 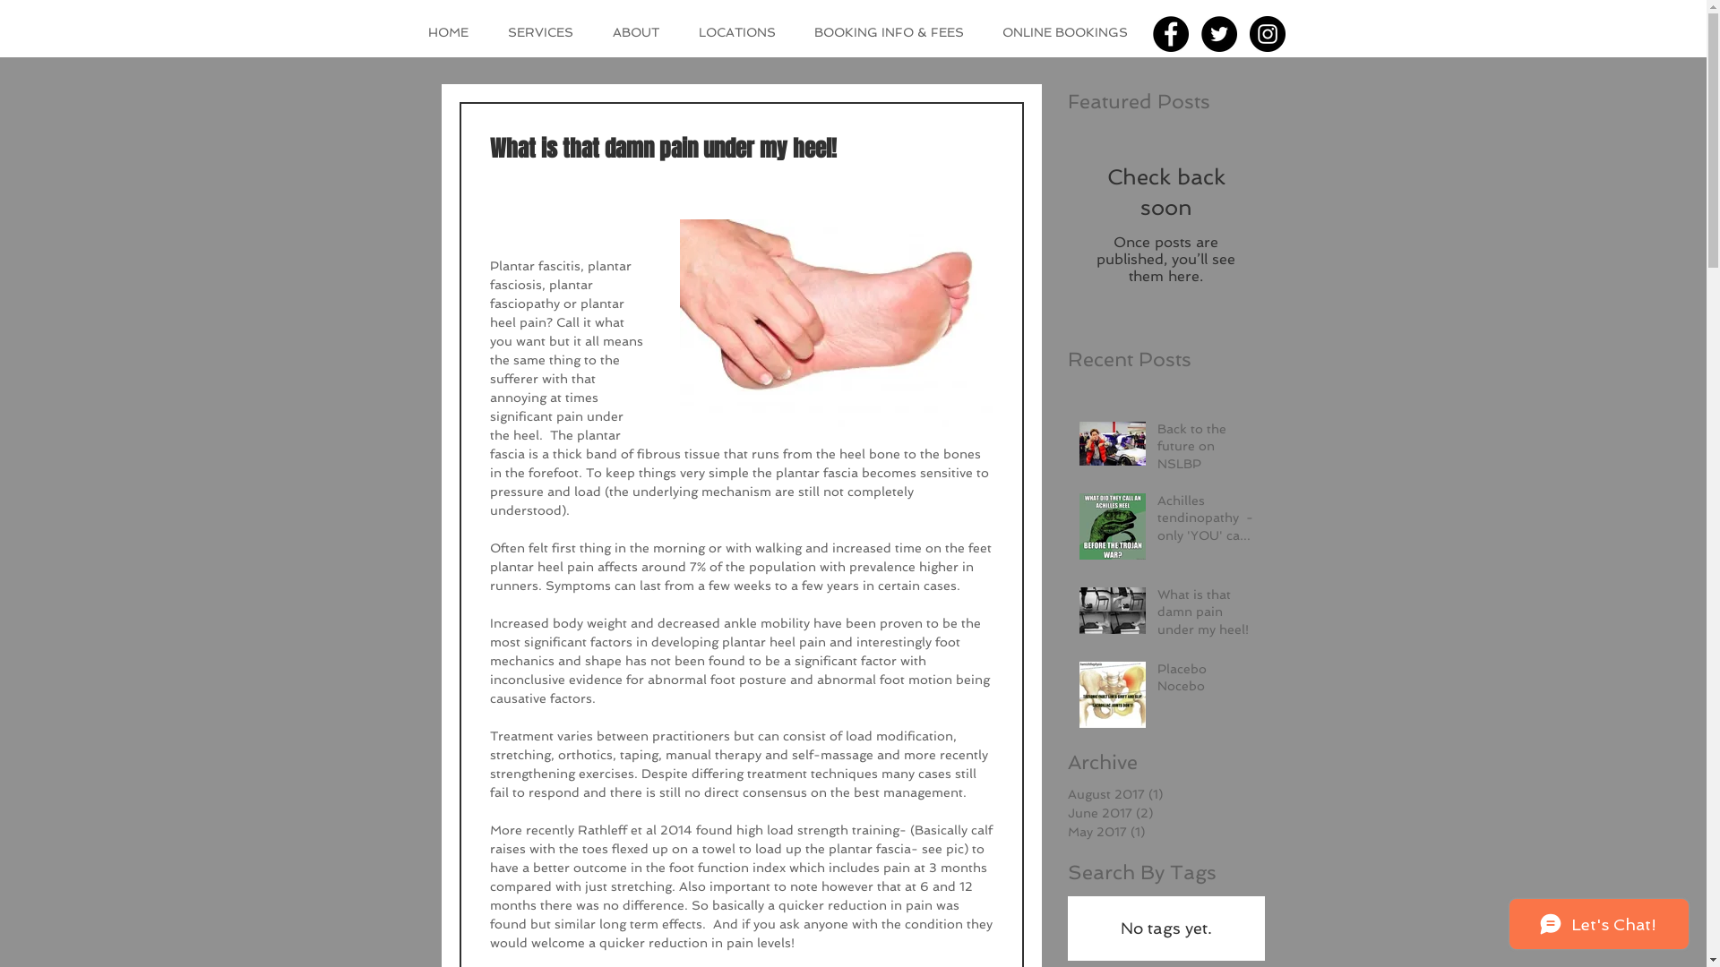 I want to click on 'What is that damn pain under my heel!', so click(x=1205, y=615).